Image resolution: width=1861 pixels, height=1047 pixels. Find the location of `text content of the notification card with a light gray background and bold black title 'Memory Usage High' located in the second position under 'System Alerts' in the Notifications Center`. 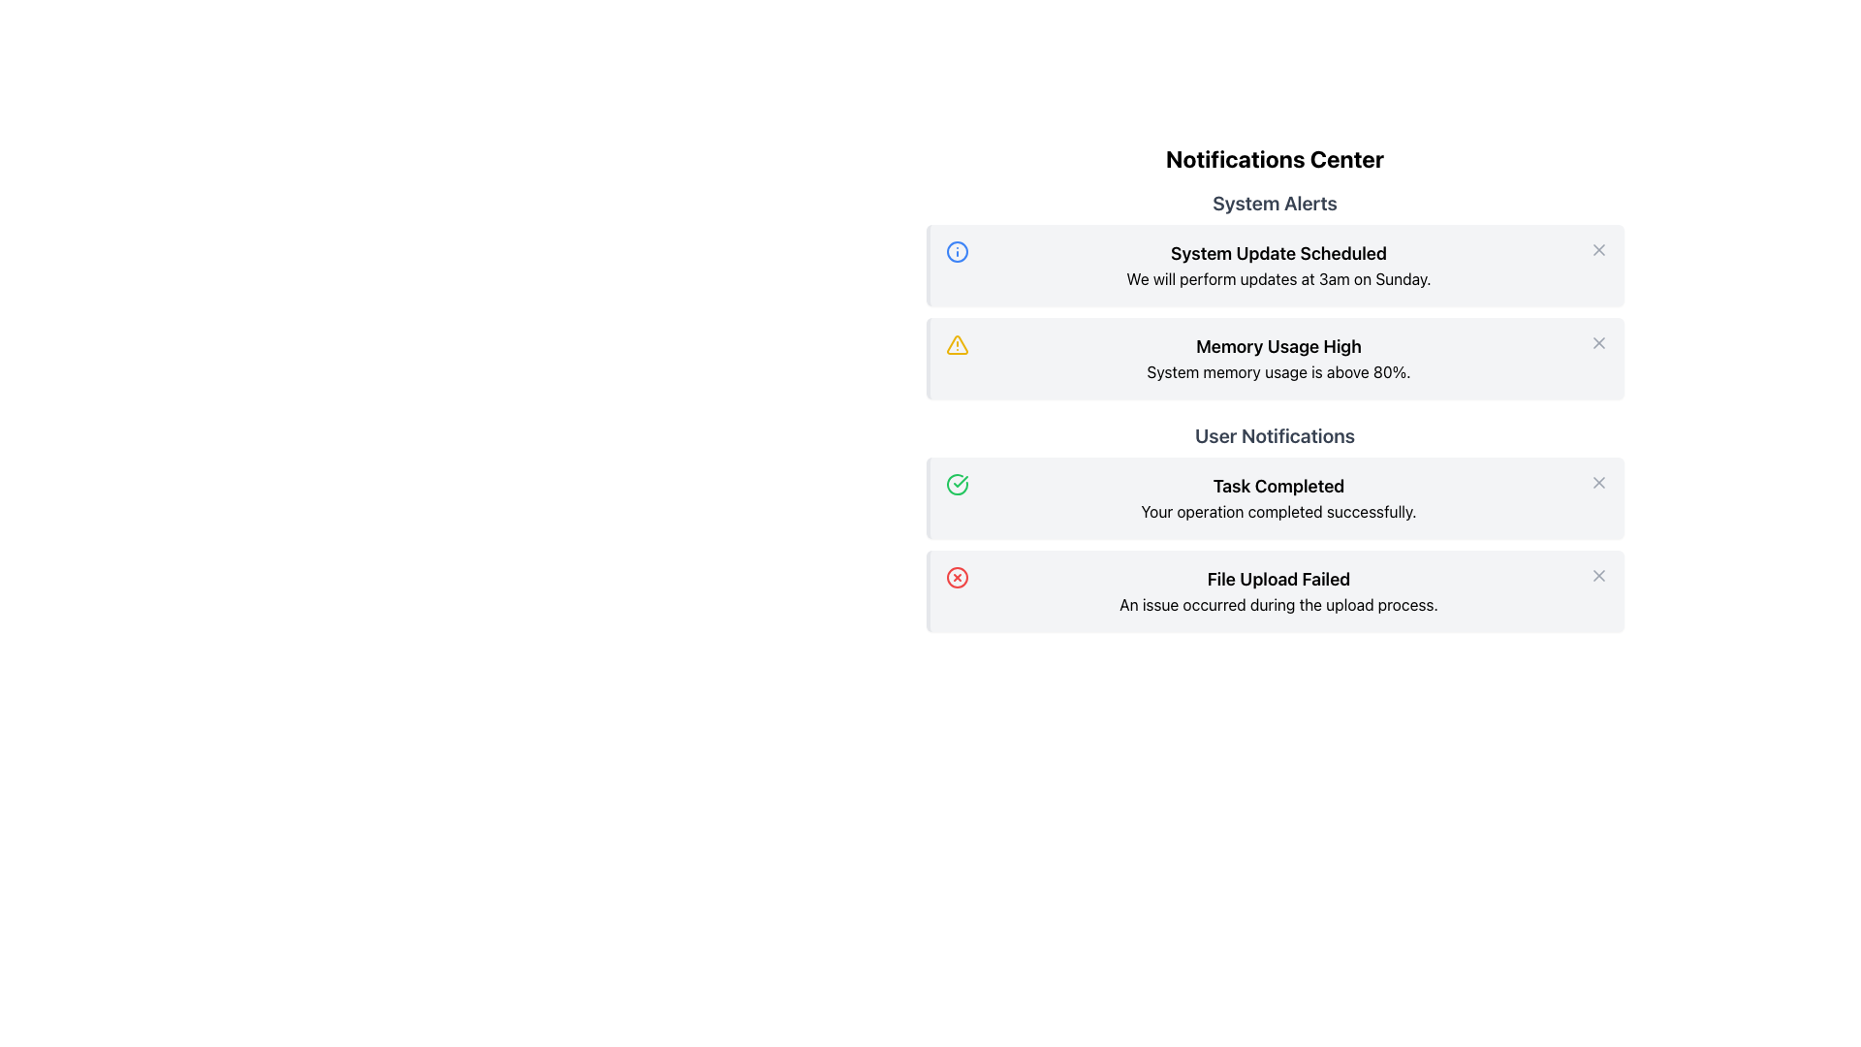

text content of the notification card with a light gray background and bold black title 'Memory Usage High' located in the second position under 'System Alerts' in the Notifications Center is located at coordinates (1275, 359).